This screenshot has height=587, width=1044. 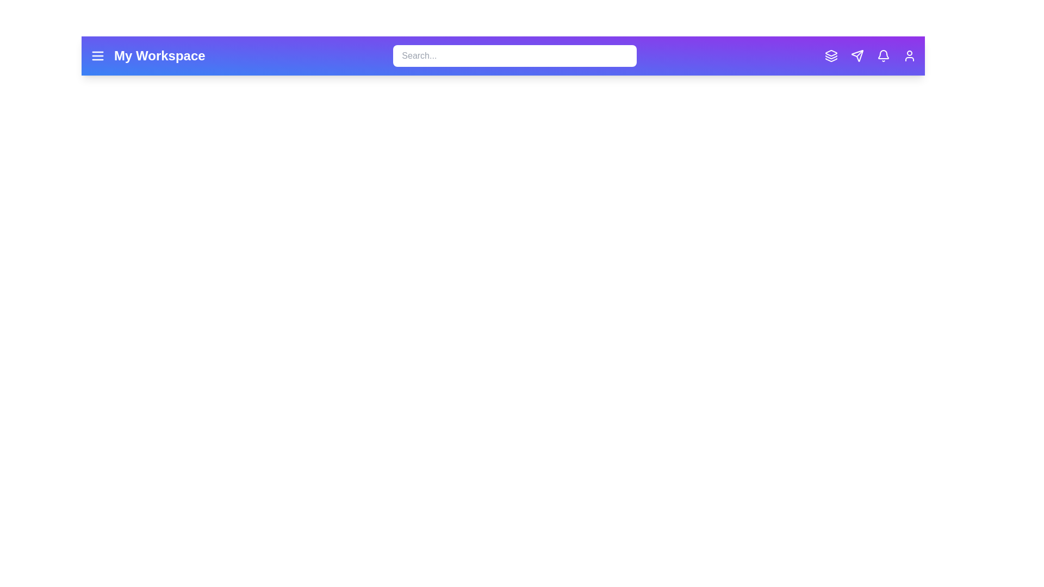 What do you see at coordinates (831, 56) in the screenshot?
I see `the navigation icon Projects` at bounding box center [831, 56].